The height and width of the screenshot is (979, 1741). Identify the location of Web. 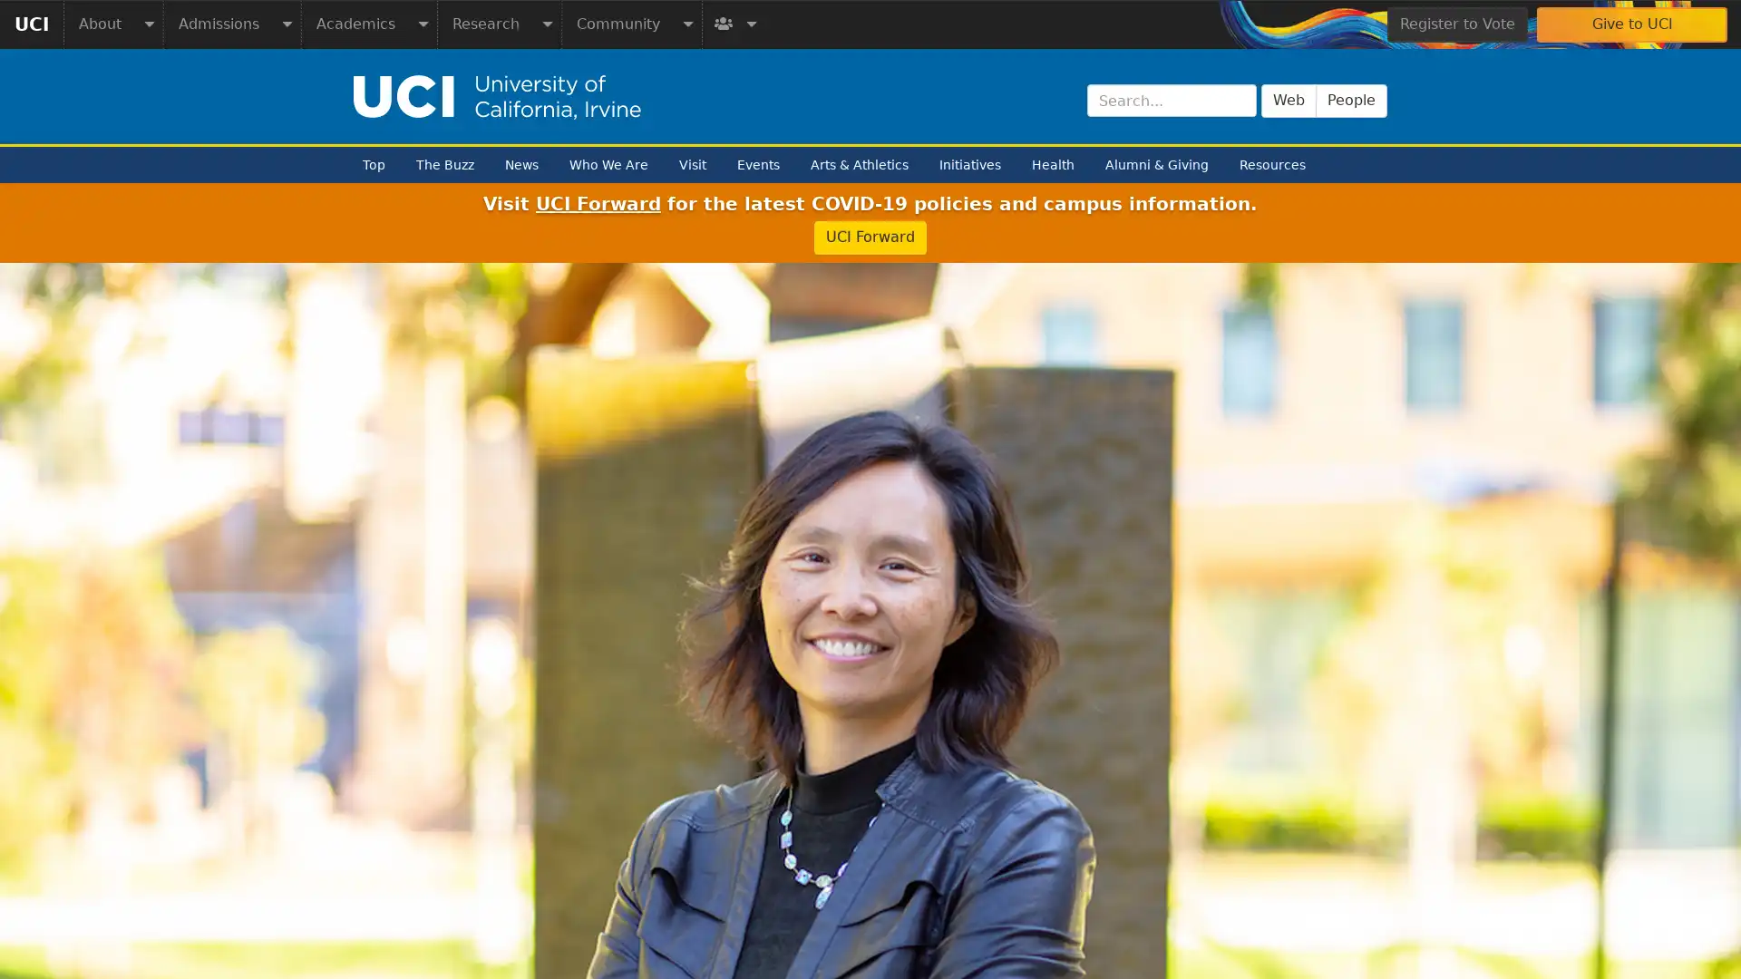
(1288, 100).